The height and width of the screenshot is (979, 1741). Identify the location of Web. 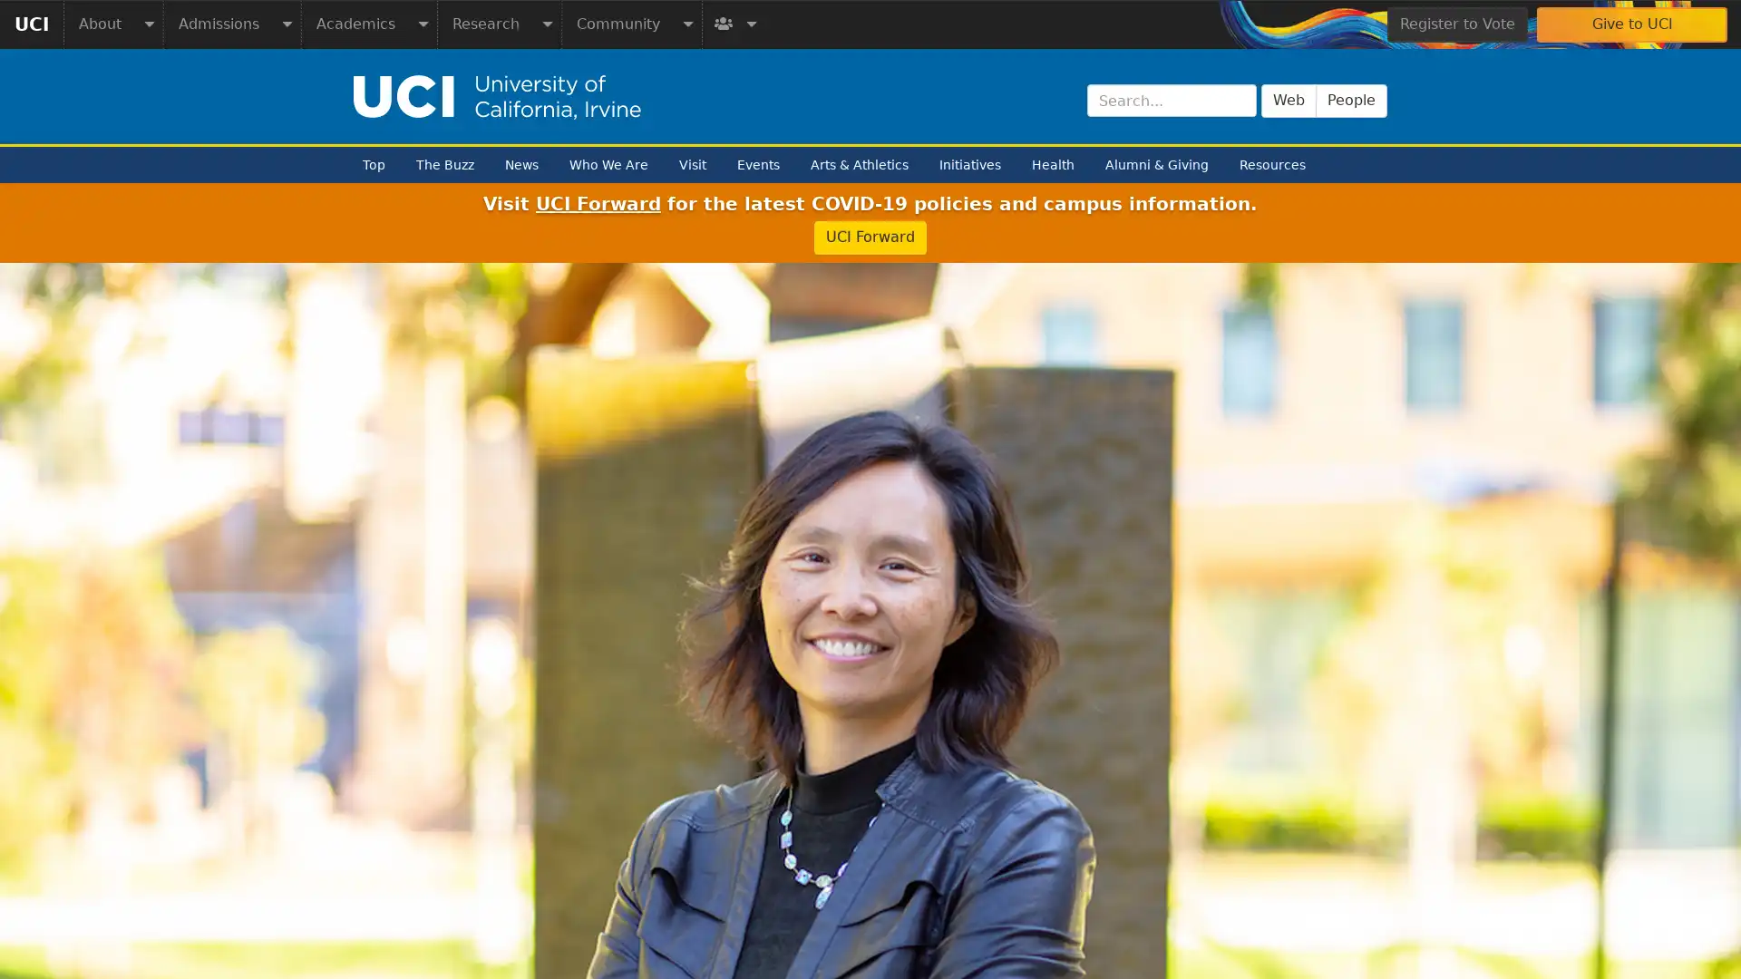
(1288, 100).